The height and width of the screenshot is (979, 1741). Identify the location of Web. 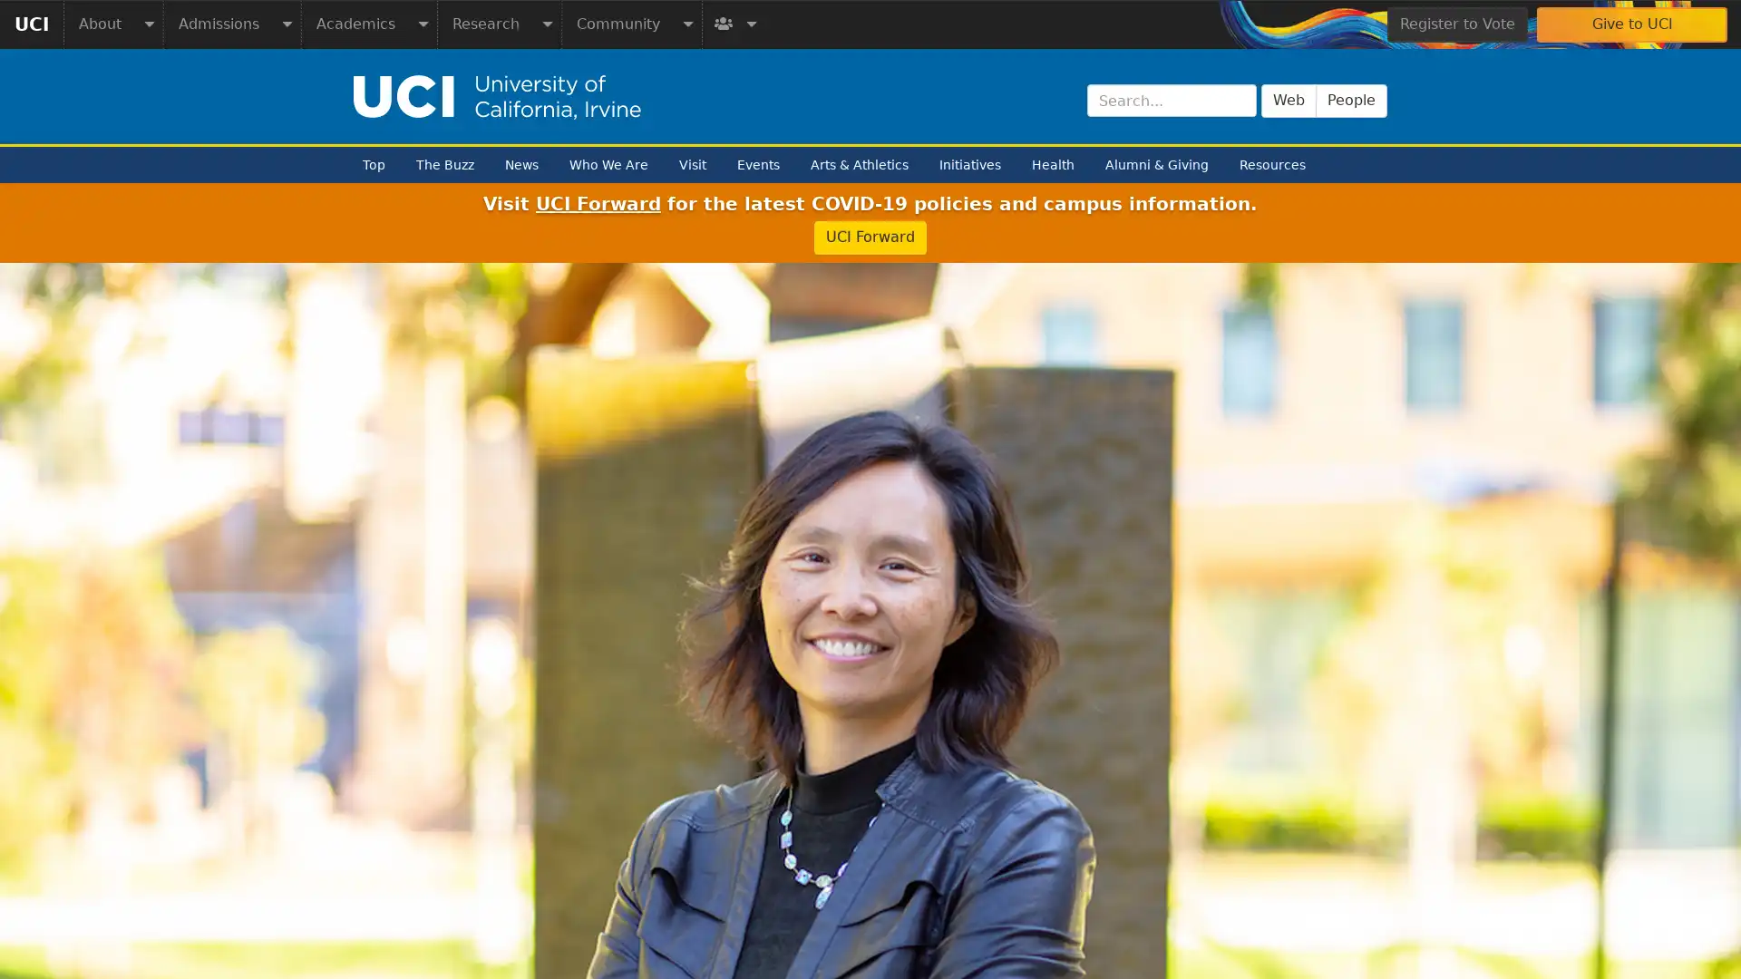
(1288, 100).